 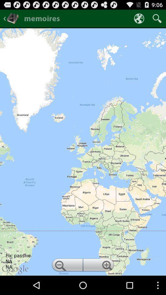 What do you see at coordinates (157, 20) in the screenshot?
I see `the search icon` at bounding box center [157, 20].